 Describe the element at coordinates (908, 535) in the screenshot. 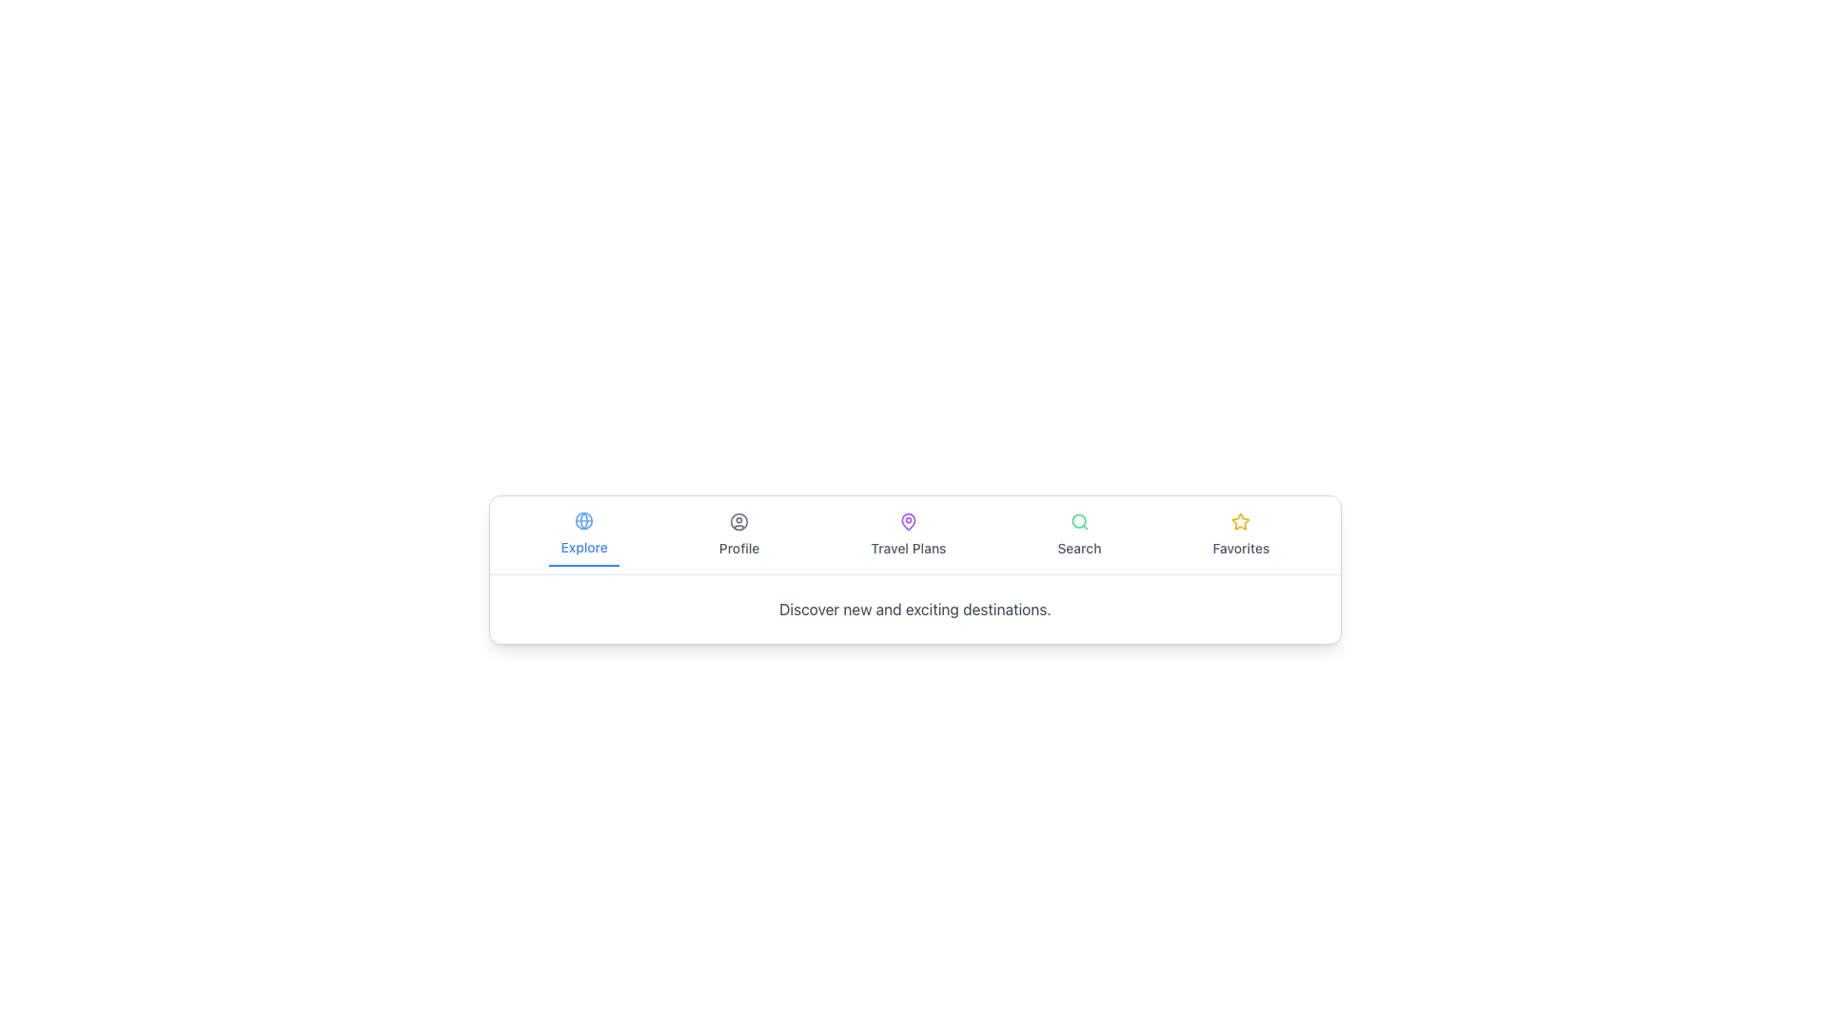

I see `the 'Travel Plans' button, which features a purple map pin icon and small gray text` at that location.